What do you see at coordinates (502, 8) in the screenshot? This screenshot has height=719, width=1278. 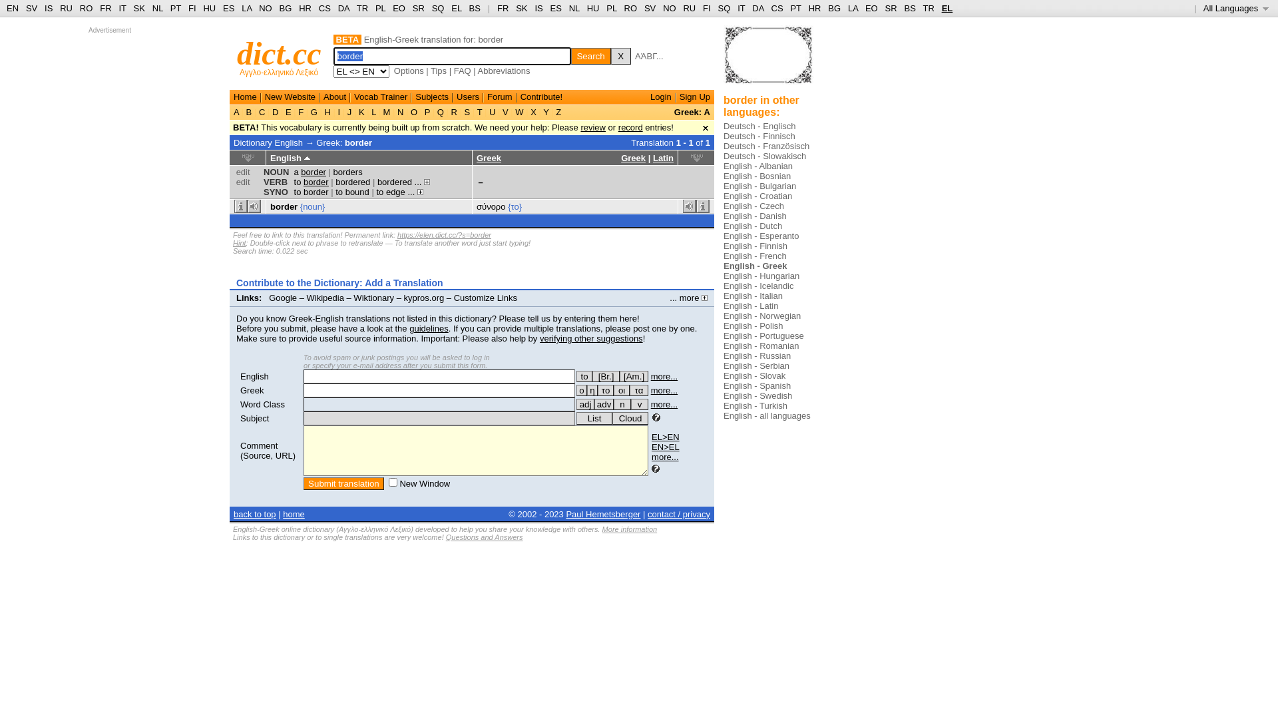 I see `'FR'` at bounding box center [502, 8].